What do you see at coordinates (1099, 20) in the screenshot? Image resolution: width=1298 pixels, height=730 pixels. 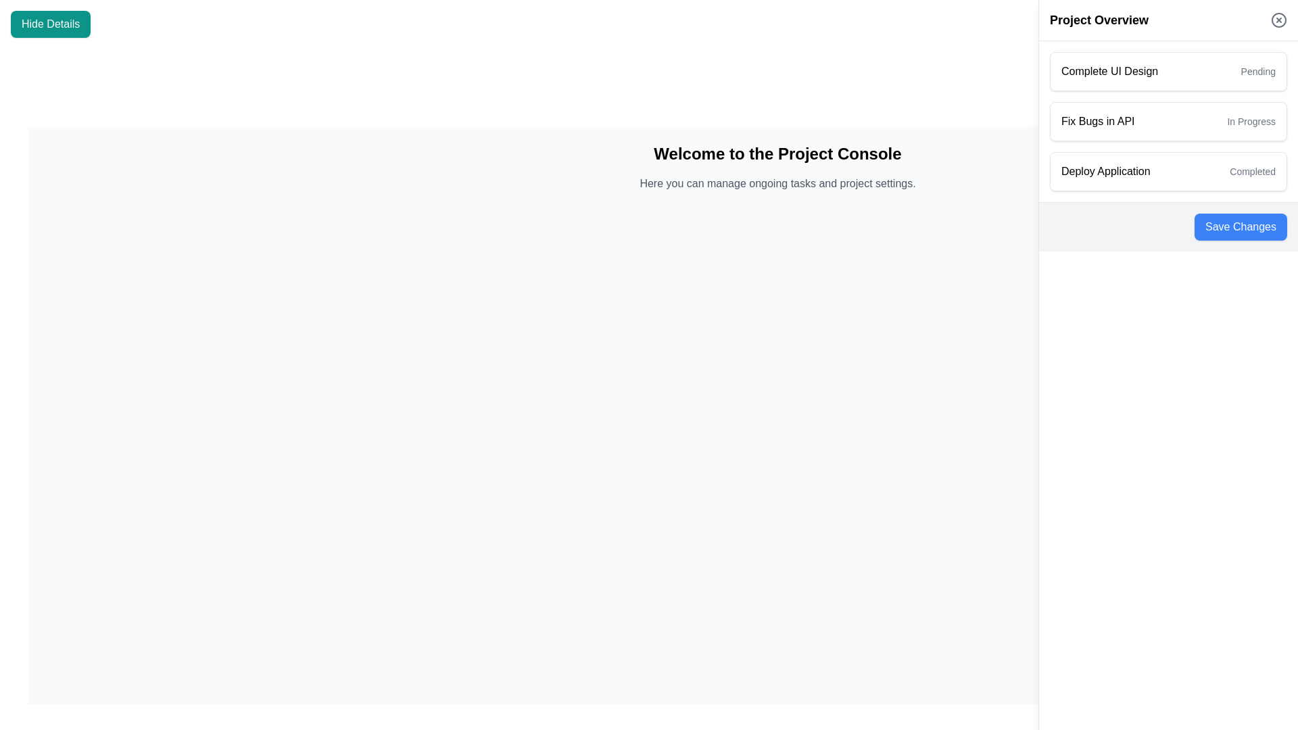 I see `the 'Project Overview' header text for accessibility by moving the mouse to its center point` at bounding box center [1099, 20].